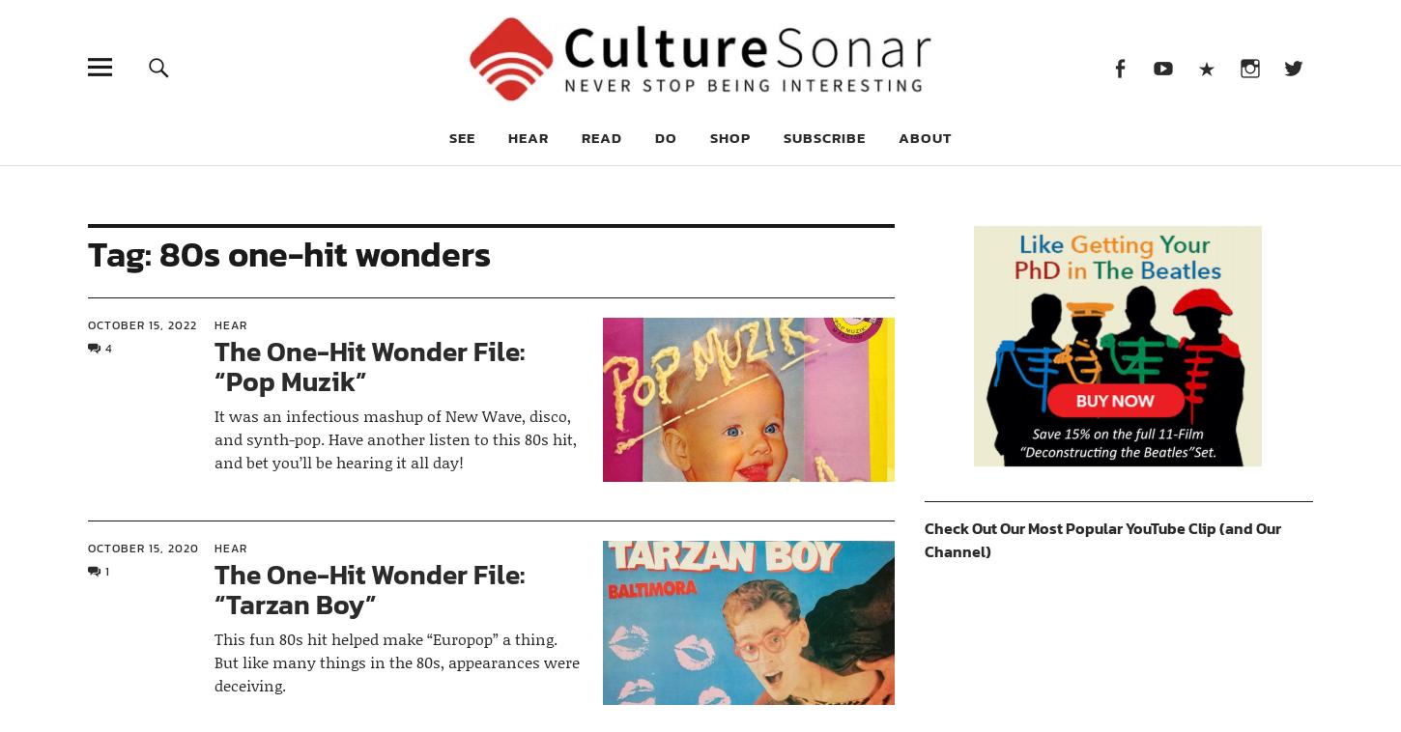 The image size is (1401, 732). I want to click on 'This fun 80s hit helped make “Europop” a thing. But like many things in the 80s, appearances were deceiving.', so click(395, 661).